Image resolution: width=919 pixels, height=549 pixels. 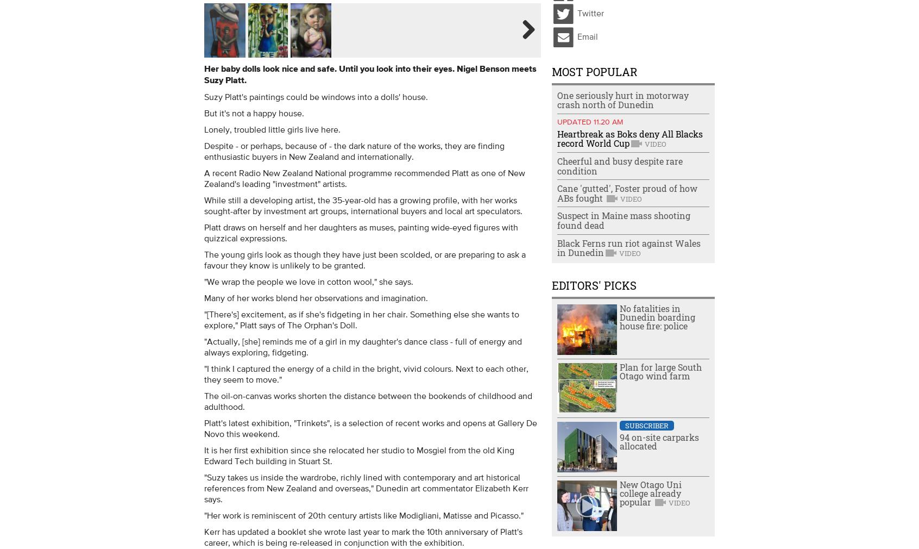 What do you see at coordinates (366, 488) in the screenshot?
I see `'"Suzy takes us inside the wardrobe, richly lined with contemporary and art historical references from New Zealand and overseas," Dunedin art commentator Elizabeth Kerr says.'` at bounding box center [366, 488].